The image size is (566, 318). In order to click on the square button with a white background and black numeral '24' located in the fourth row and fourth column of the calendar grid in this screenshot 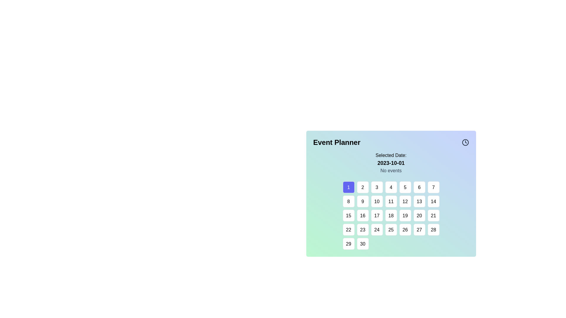, I will do `click(376, 229)`.